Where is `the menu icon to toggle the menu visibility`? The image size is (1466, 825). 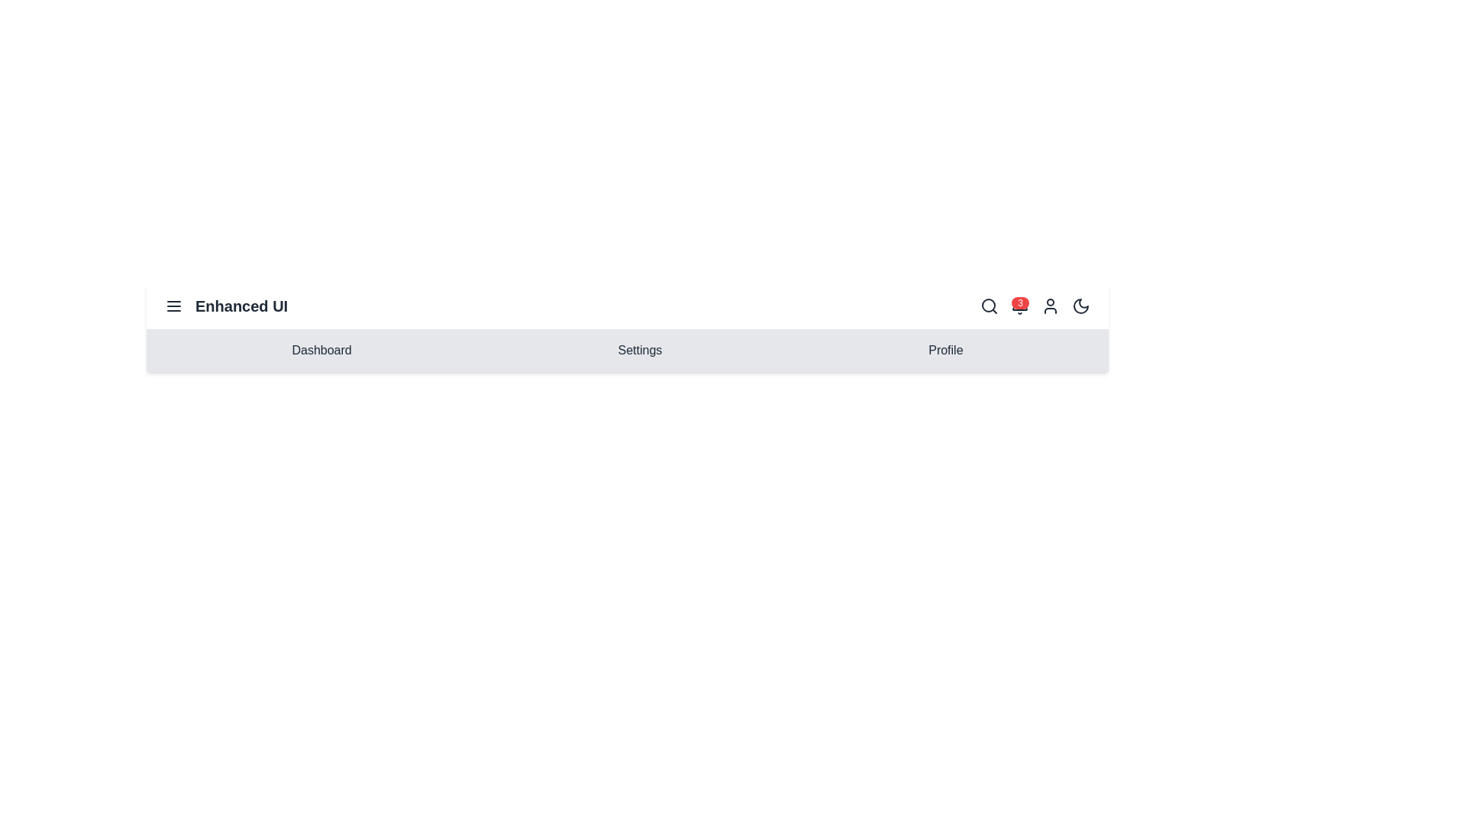 the menu icon to toggle the menu visibility is located at coordinates (173, 306).